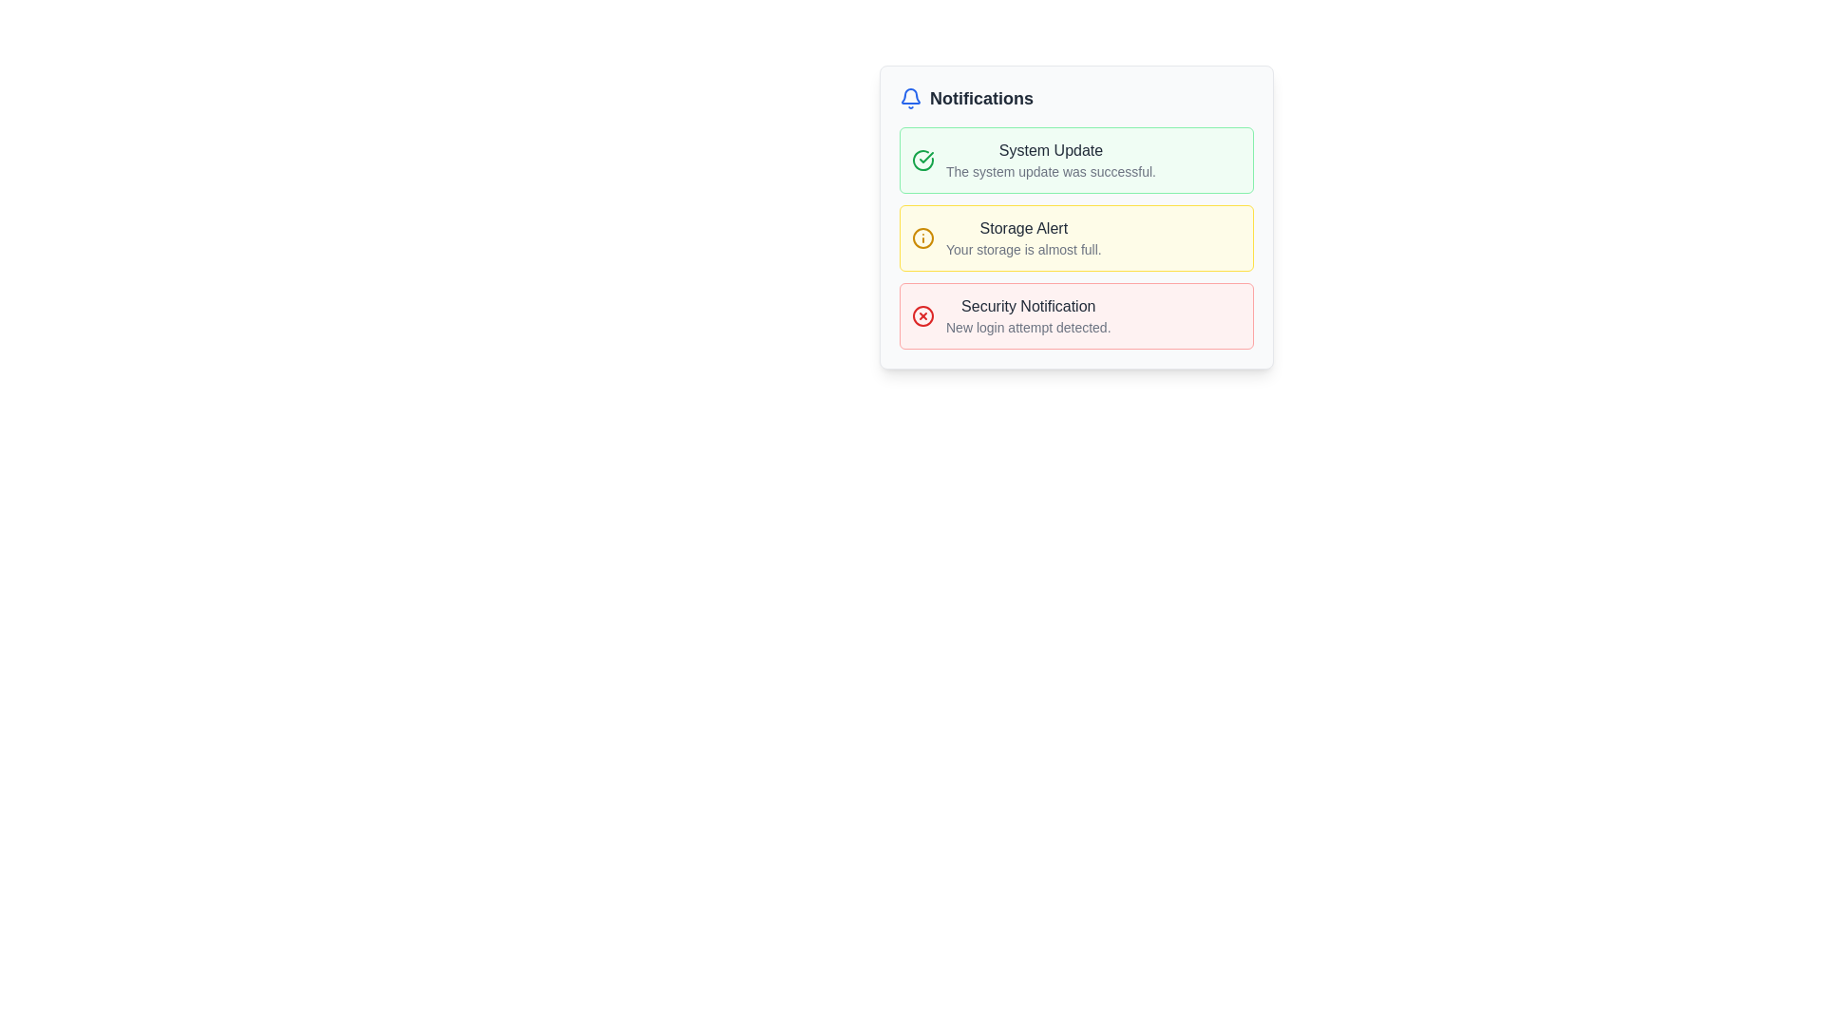  I want to click on the 'Storage Alert' text label which is a medium-sized dark gray header positioned in the middle notification section above the subtext 'Your storage is almost full.', so click(1022, 227).